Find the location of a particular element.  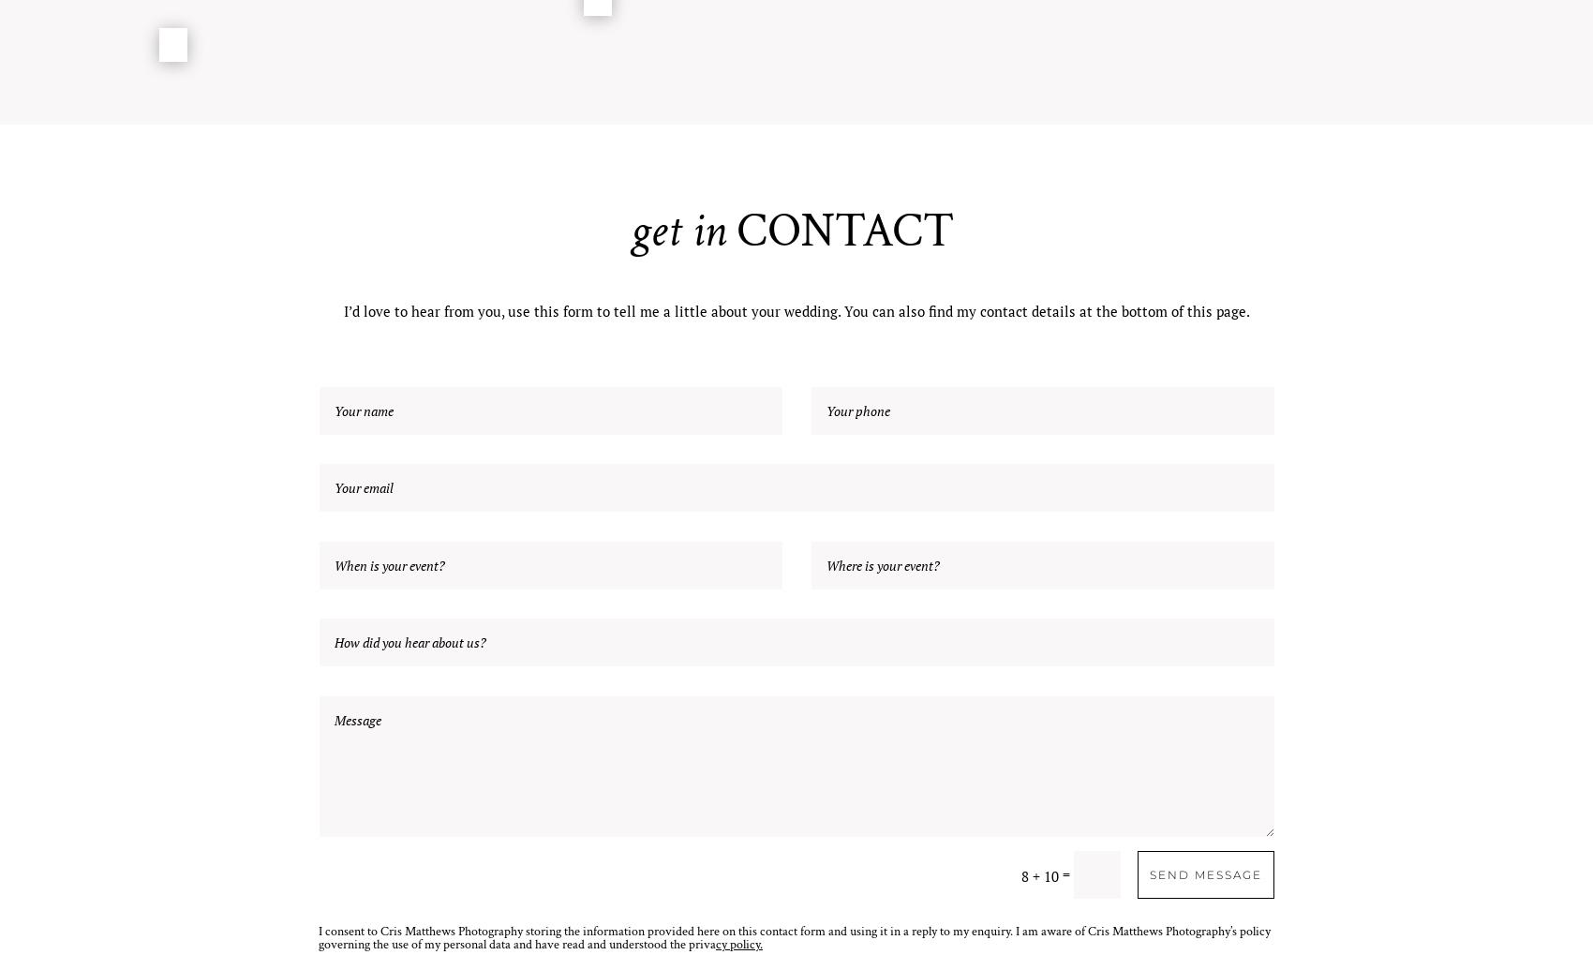

'=' is located at coordinates (1065, 873).